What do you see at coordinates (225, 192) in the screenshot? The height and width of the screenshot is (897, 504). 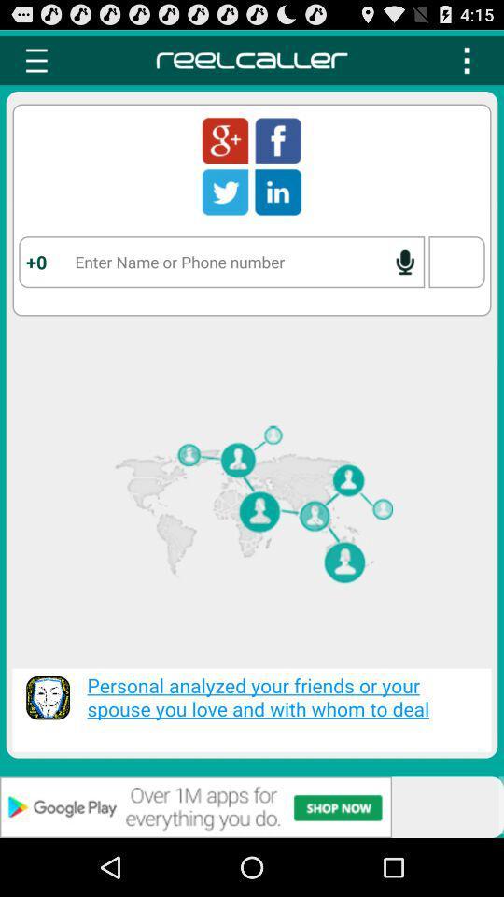 I see `twitter logo` at bounding box center [225, 192].